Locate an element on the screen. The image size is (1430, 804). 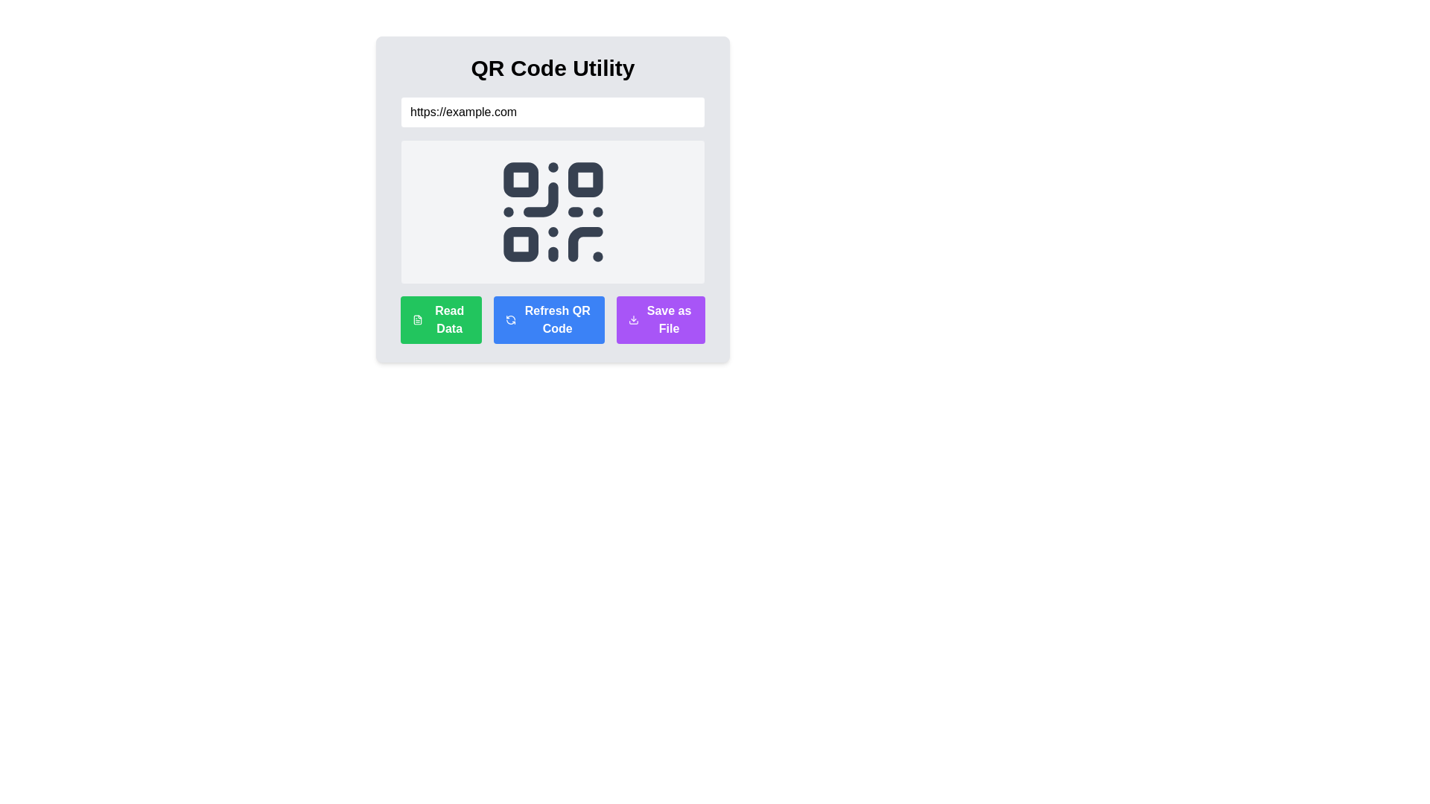
the appearance of the download icon, which resembles a downward-pointing arrow and is located within the 'Save as File' button, to the left of the button's text is located at coordinates (634, 319).